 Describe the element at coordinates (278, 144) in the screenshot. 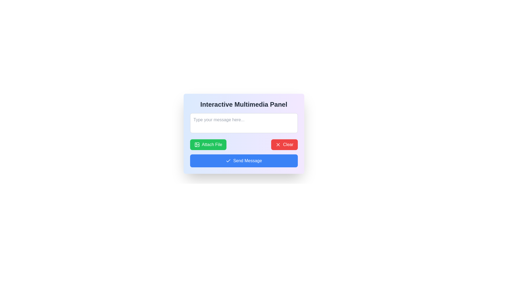

I see `the graphical cross icon in the top-right corner of the interactive panel` at that location.